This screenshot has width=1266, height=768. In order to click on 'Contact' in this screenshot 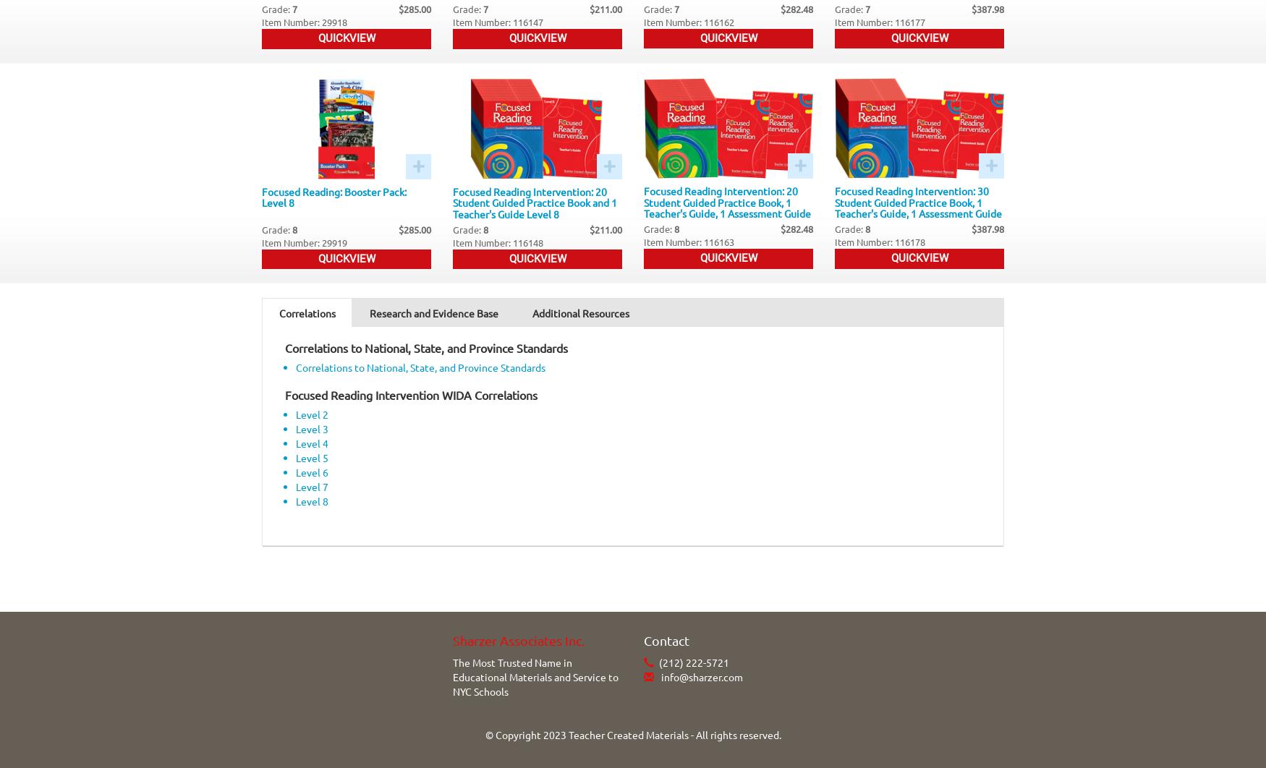, I will do `click(643, 639)`.